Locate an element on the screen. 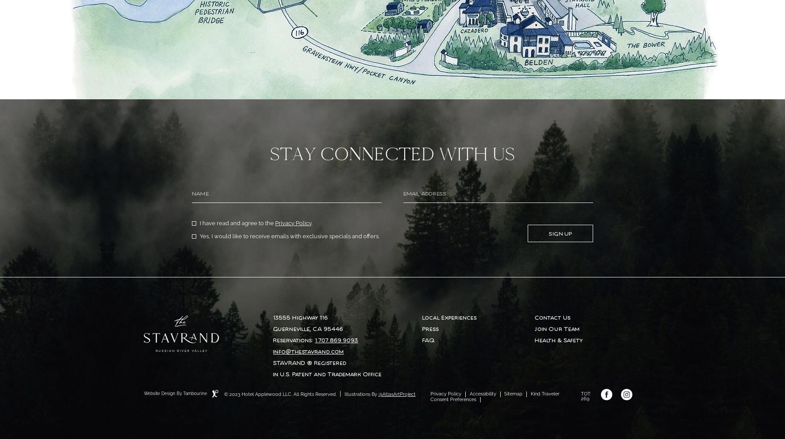 The height and width of the screenshot is (439, 785). 'Illustrations By' is located at coordinates (342, 394).